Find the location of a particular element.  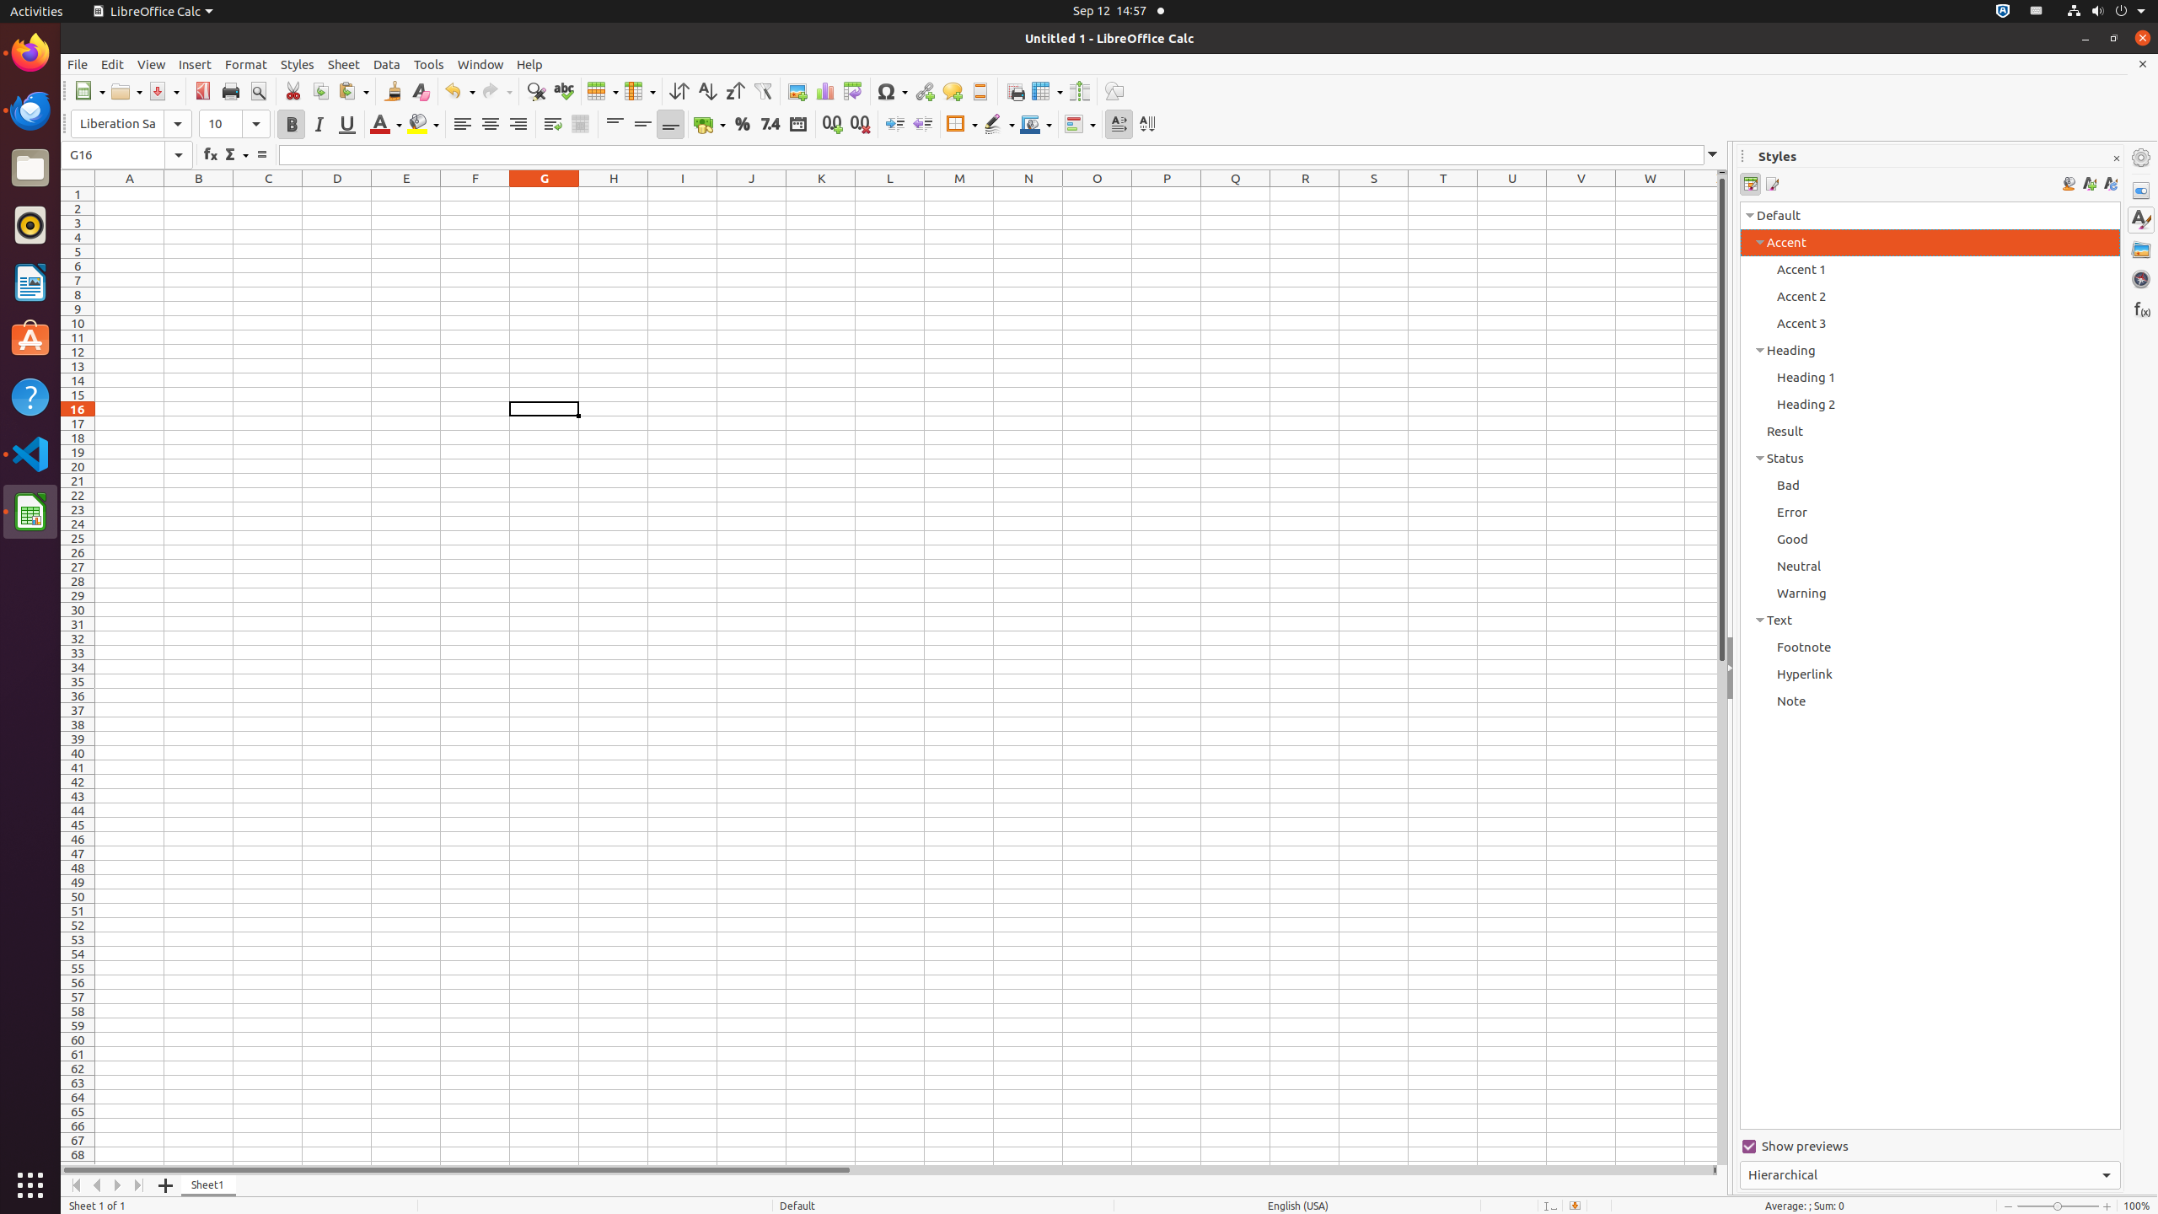

'Undo' is located at coordinates (459, 90).